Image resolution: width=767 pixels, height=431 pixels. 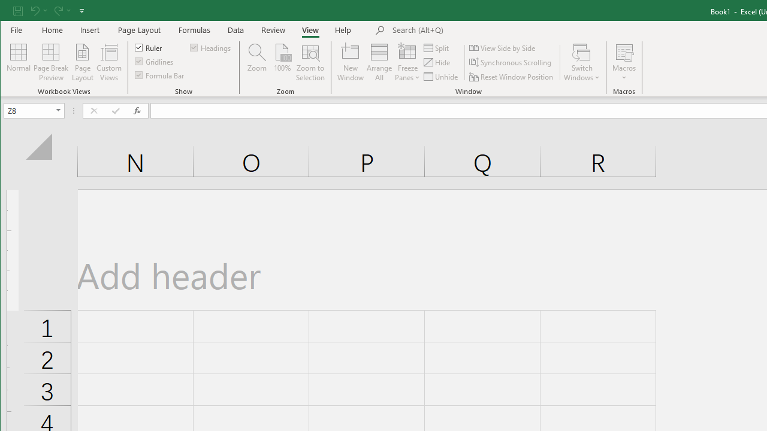 I want to click on 'Gridlines', so click(x=154, y=61).